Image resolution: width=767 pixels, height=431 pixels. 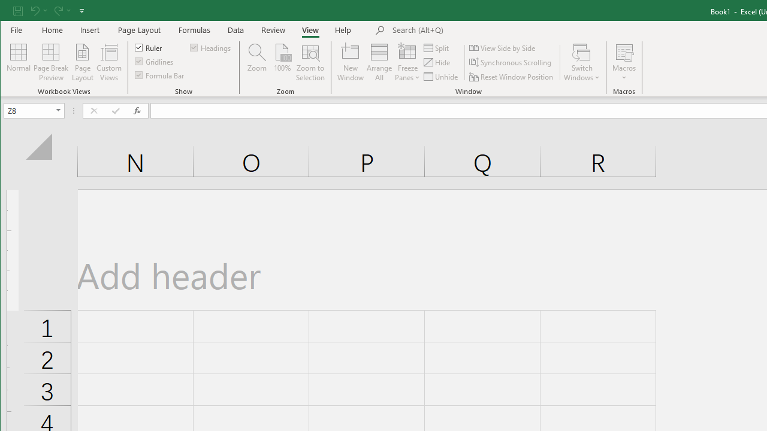 I want to click on 'Gridlines', so click(x=154, y=61).